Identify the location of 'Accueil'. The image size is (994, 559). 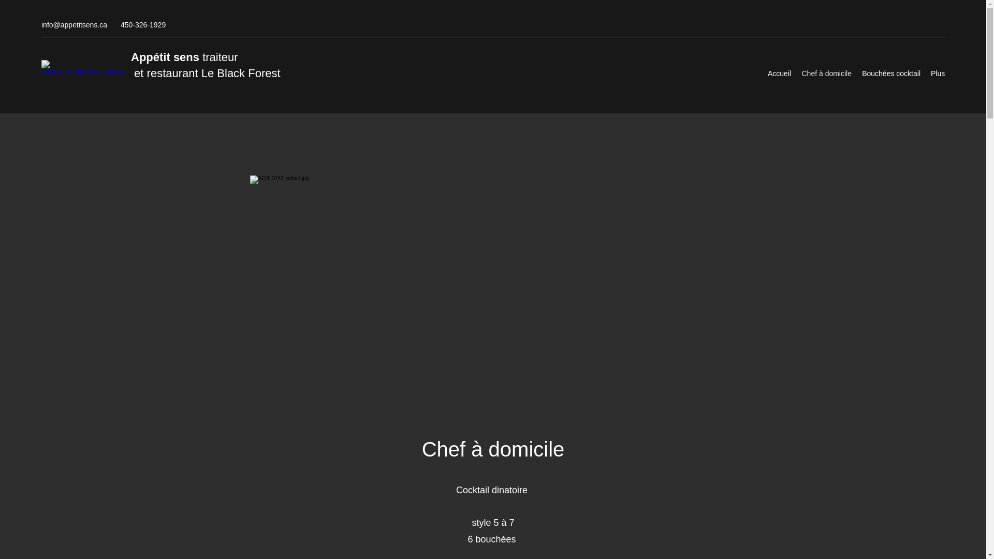
(779, 73).